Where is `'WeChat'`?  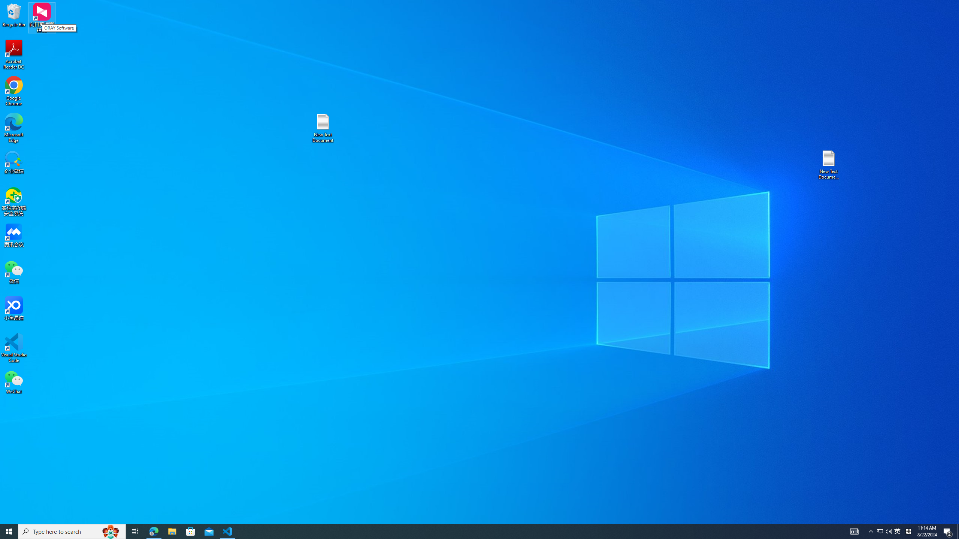
'WeChat' is located at coordinates (13, 381).